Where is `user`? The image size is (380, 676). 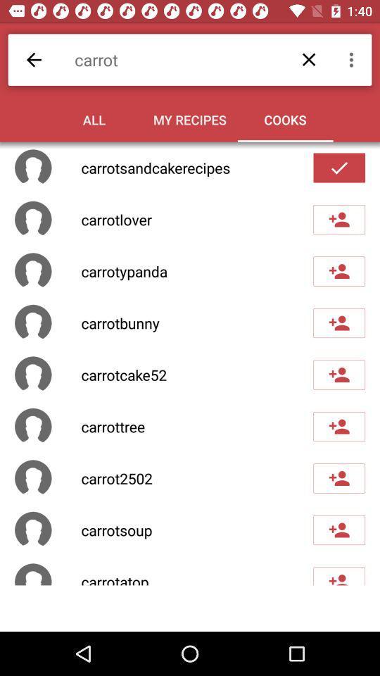 user is located at coordinates (338, 425).